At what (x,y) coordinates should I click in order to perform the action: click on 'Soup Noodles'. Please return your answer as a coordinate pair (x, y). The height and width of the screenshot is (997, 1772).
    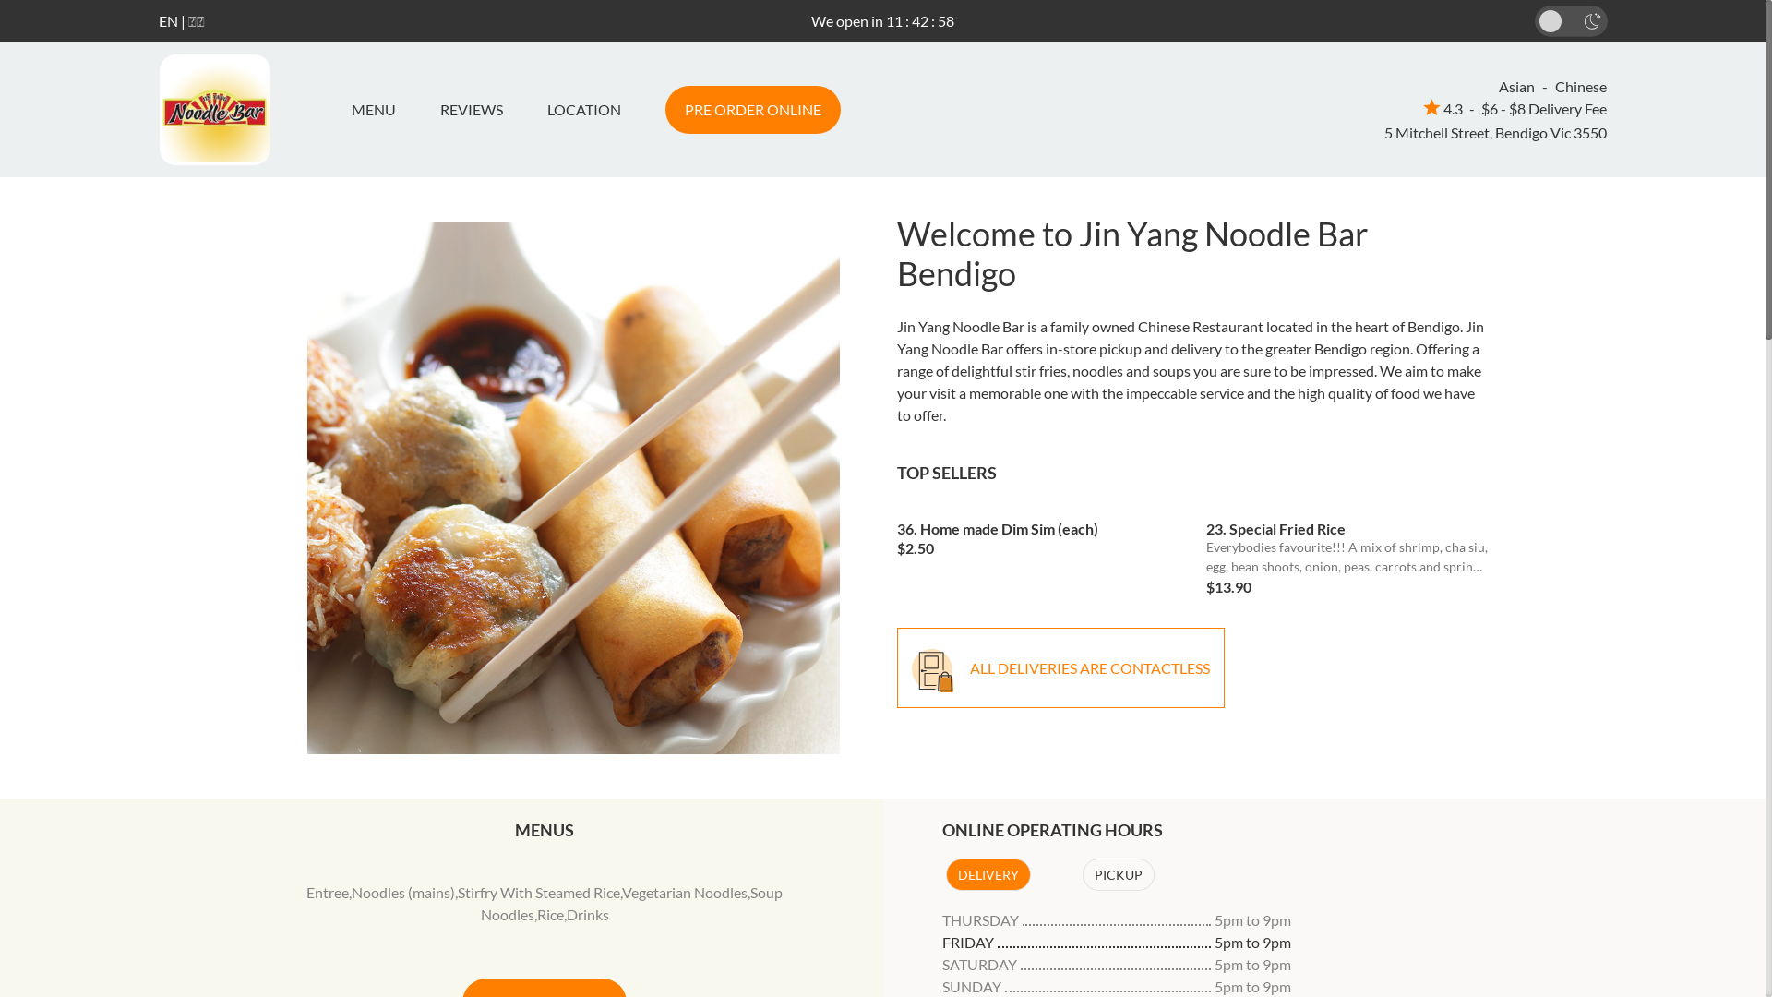
    Looking at the image, I should click on (632, 902).